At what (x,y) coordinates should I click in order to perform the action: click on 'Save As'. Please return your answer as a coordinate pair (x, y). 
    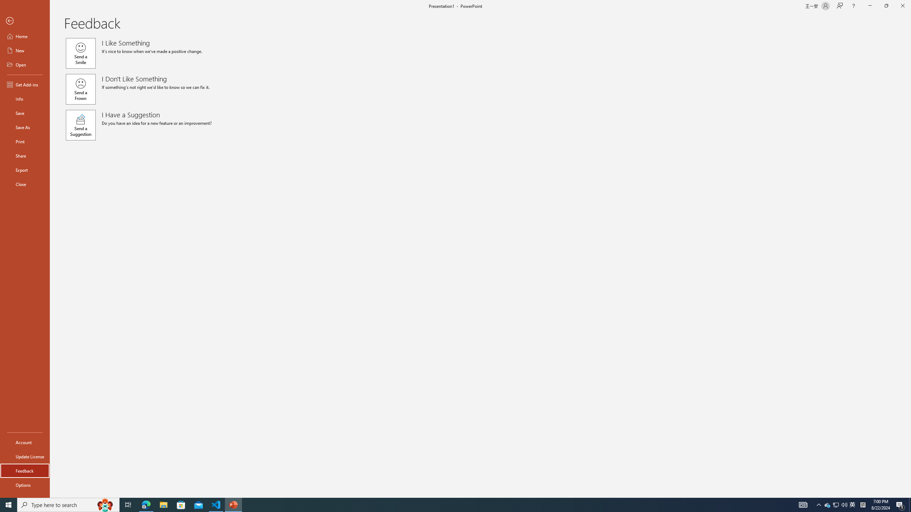
    Looking at the image, I should click on (25, 127).